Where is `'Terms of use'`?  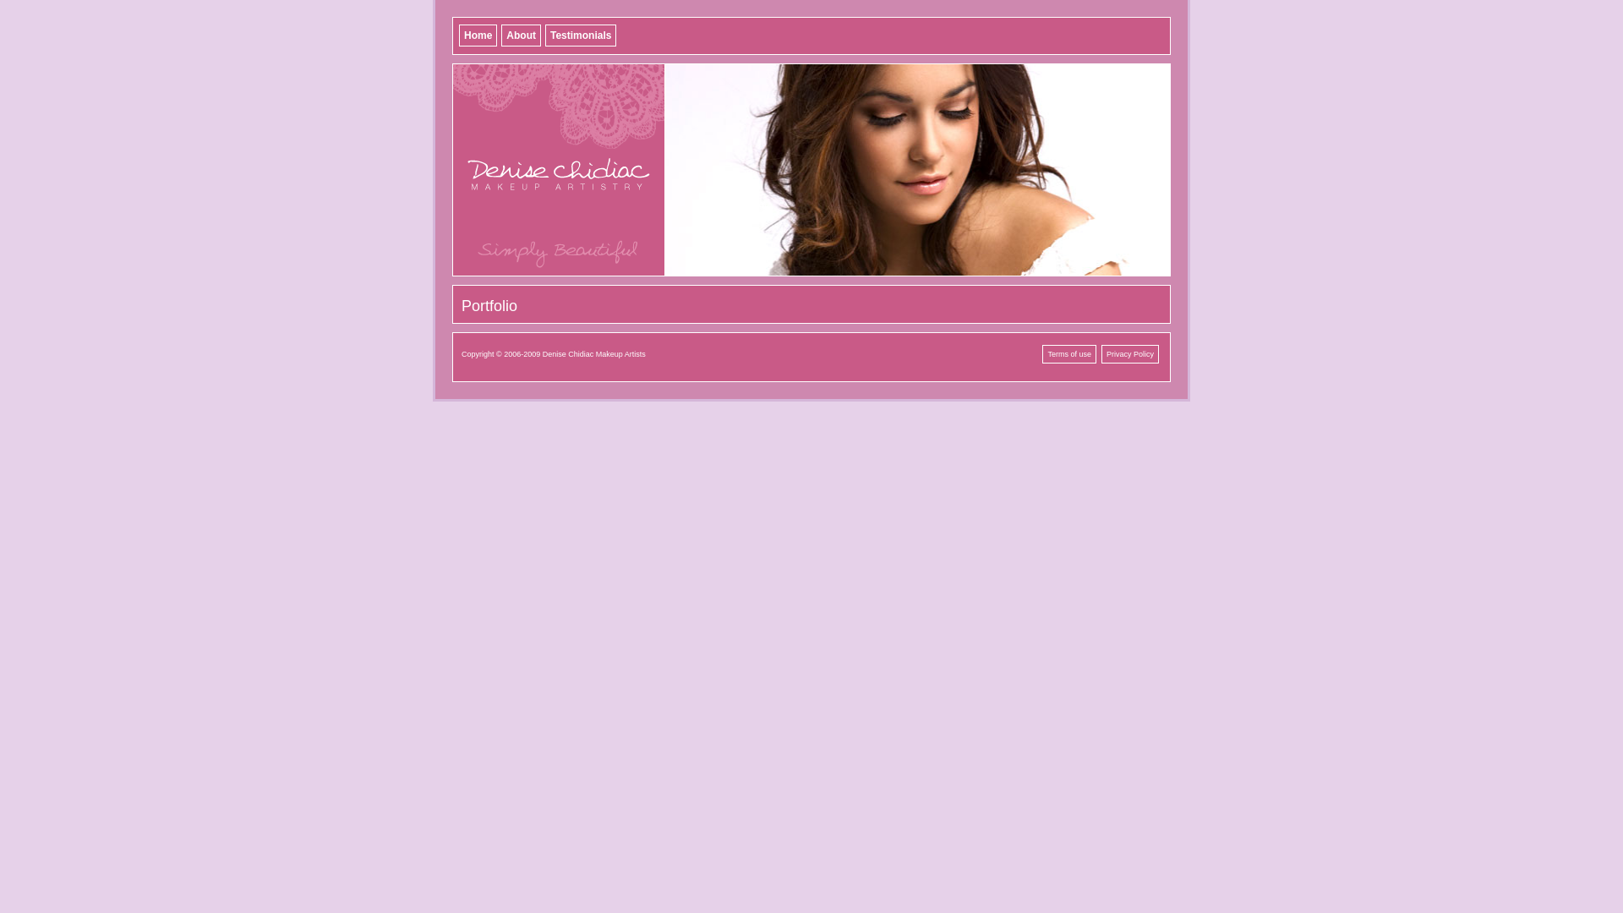 'Terms of use' is located at coordinates (1068, 353).